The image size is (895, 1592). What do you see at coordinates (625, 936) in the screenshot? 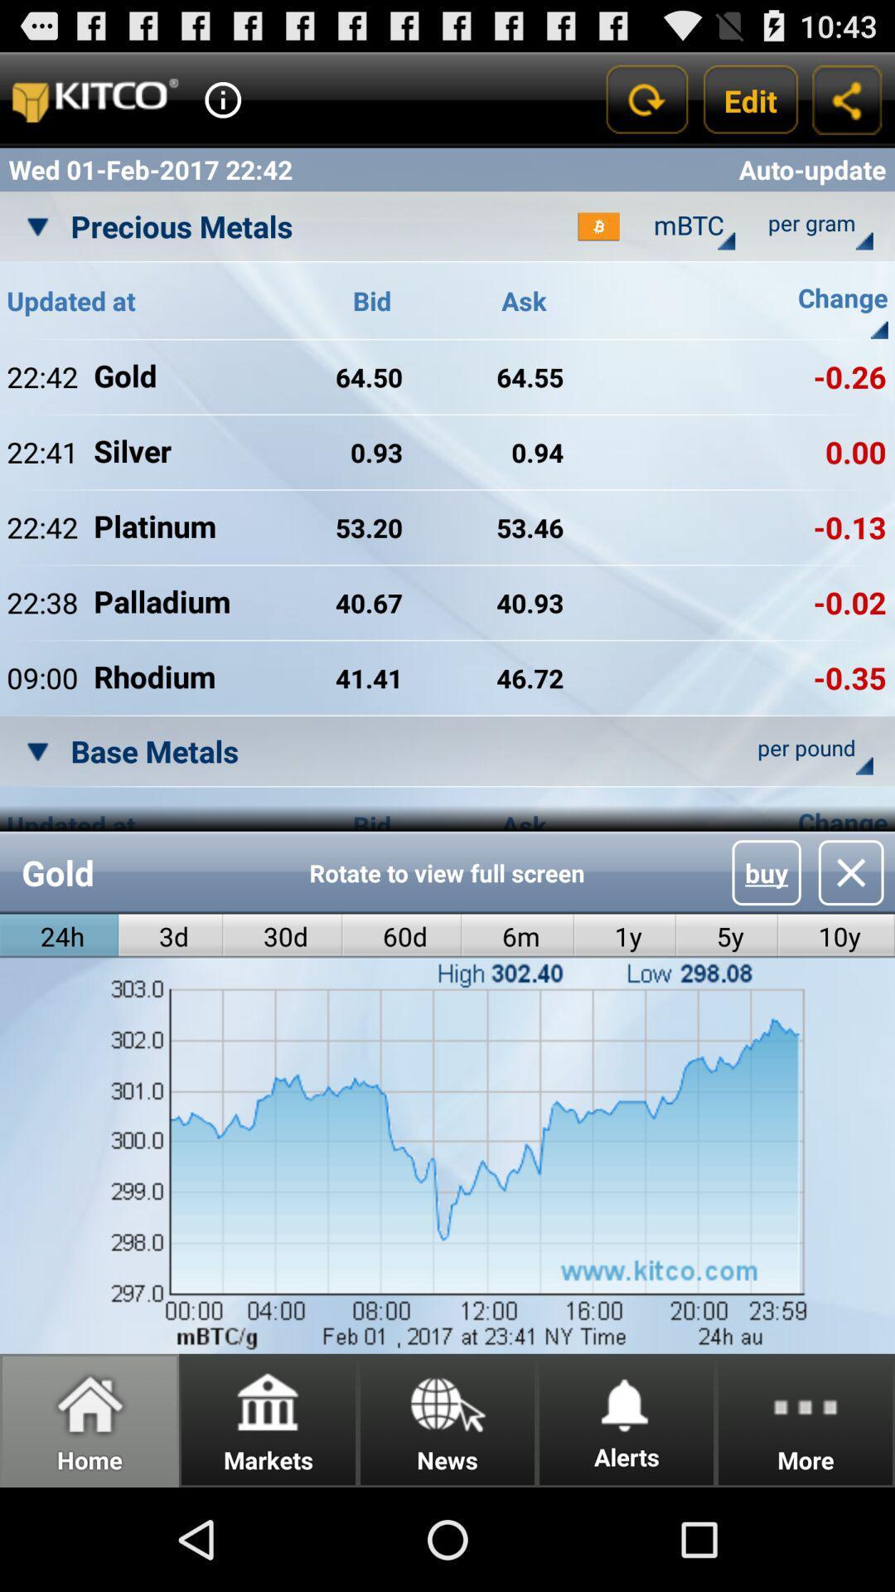
I see `1y radio button` at bounding box center [625, 936].